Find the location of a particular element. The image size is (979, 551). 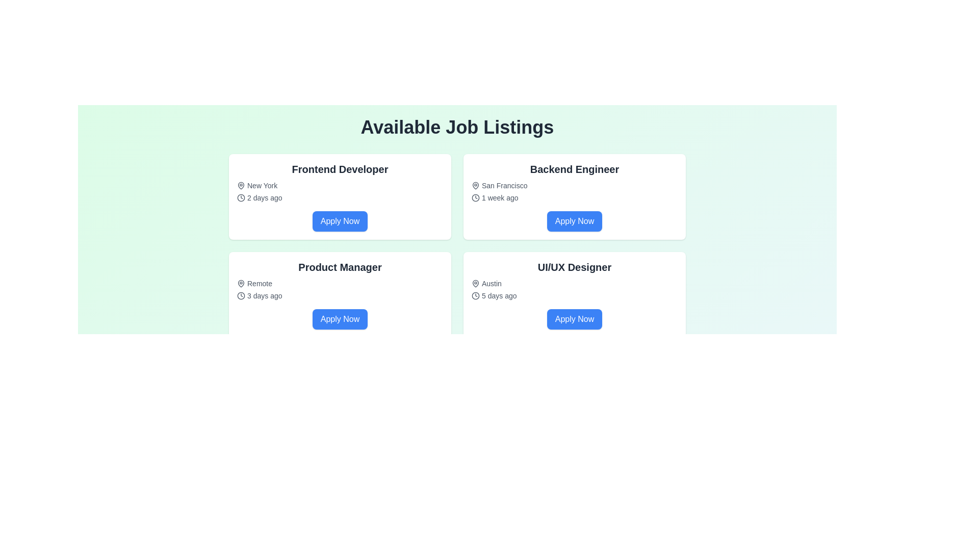

the 'Apply Now' button on the Job listing card for the Product Manager role, located in the third position of the grid layout is located at coordinates (340, 295).